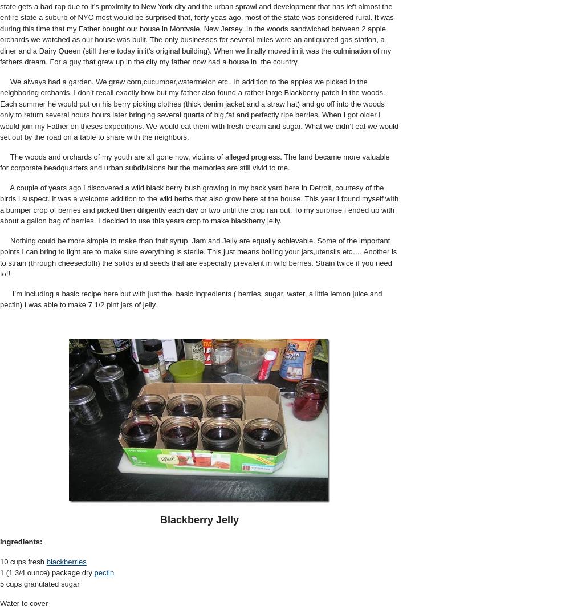 The width and height of the screenshot is (586, 614). Describe the element at coordinates (46, 572) in the screenshot. I see `'1 (1 3/4 ounce) package dry'` at that location.